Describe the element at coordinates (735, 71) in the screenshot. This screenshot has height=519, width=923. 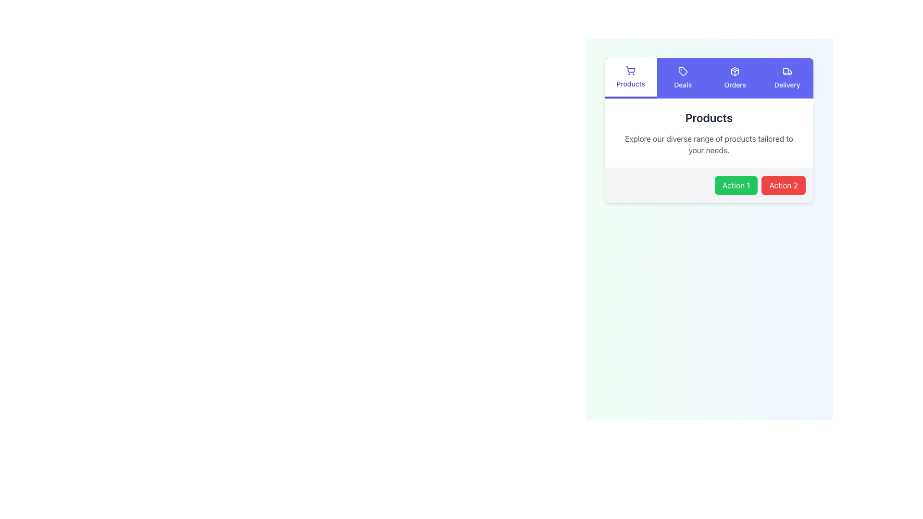
I see `the package box icon located in the 'Orders' tab, which is displayed on a purple background with thin, rounded lines` at that location.